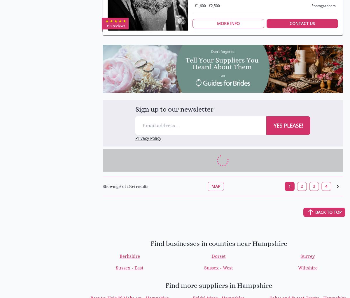 This screenshot has width=350, height=298. What do you see at coordinates (328, 212) in the screenshot?
I see `'Back To Top'` at bounding box center [328, 212].